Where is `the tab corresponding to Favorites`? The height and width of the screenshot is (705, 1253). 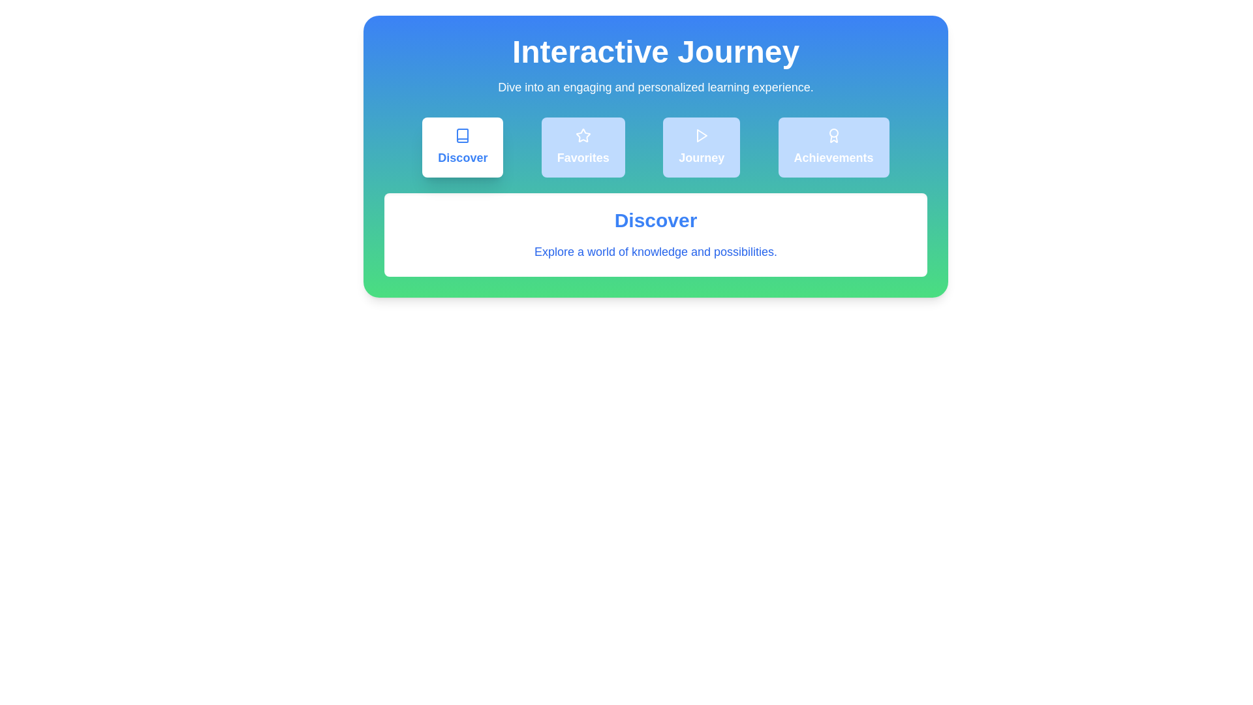
the tab corresponding to Favorites is located at coordinates (582, 147).